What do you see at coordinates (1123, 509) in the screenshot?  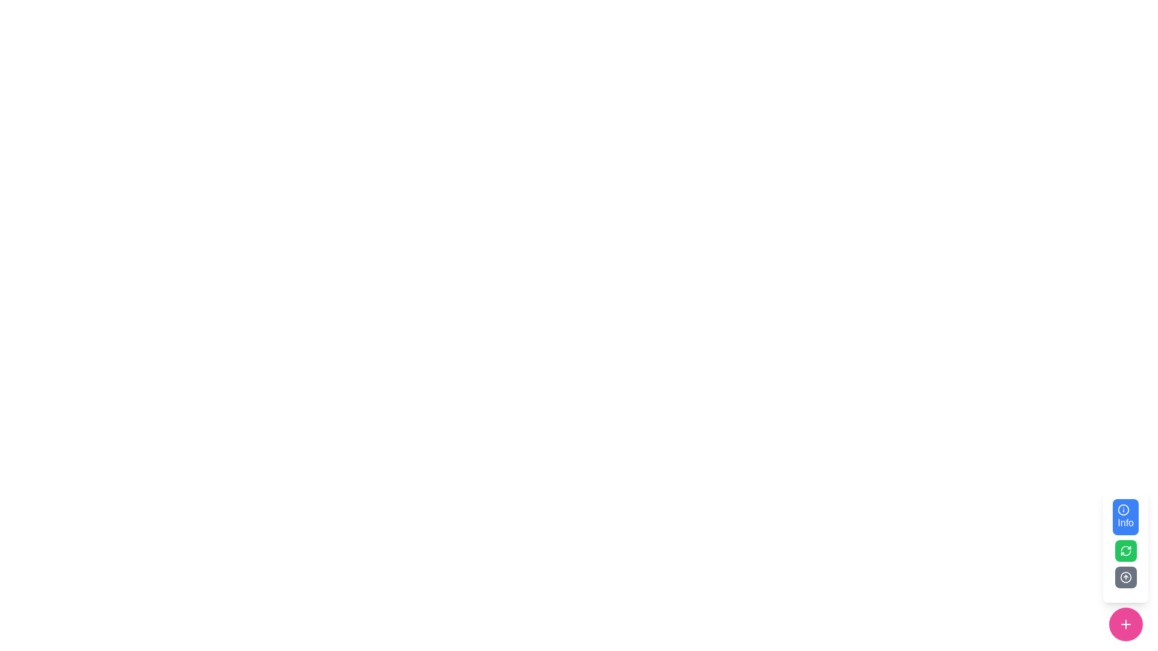 I see `the 'Info' button represented by an SVG-based icon, located on the right side of the interface, above the '+' button` at bounding box center [1123, 509].